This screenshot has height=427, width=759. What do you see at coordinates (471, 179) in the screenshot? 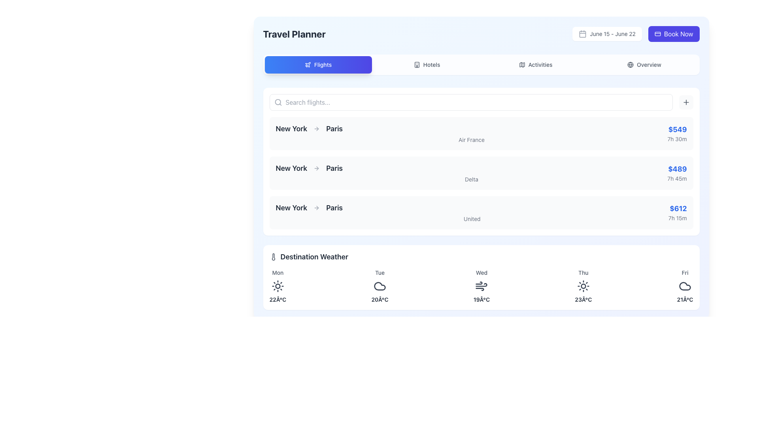
I see `the airline carrier label located under the second 'New York to Paris' flight option` at bounding box center [471, 179].